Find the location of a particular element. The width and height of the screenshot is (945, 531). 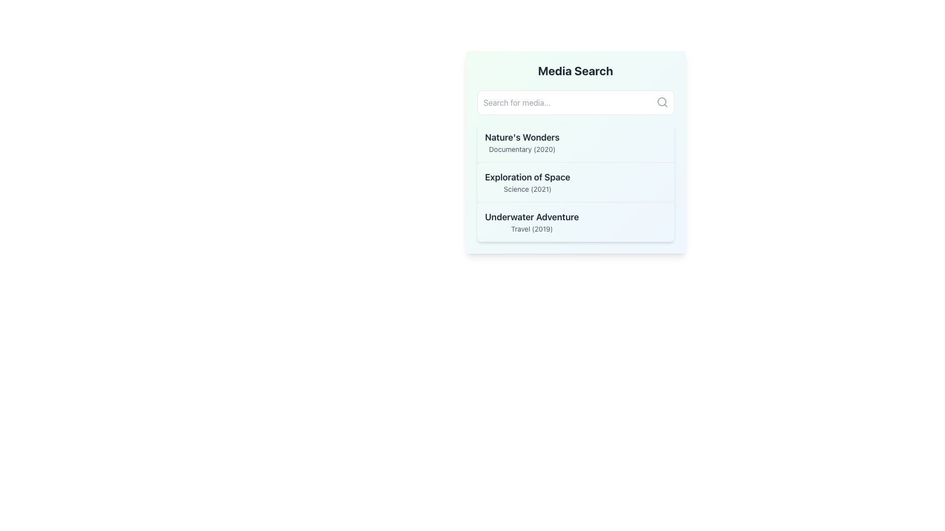

text label displaying 'Documentary (2020)' which is styled in a small gray font and is positioned immediately below the title 'Nature's Wonders' in the media search results list is located at coordinates (522, 149).